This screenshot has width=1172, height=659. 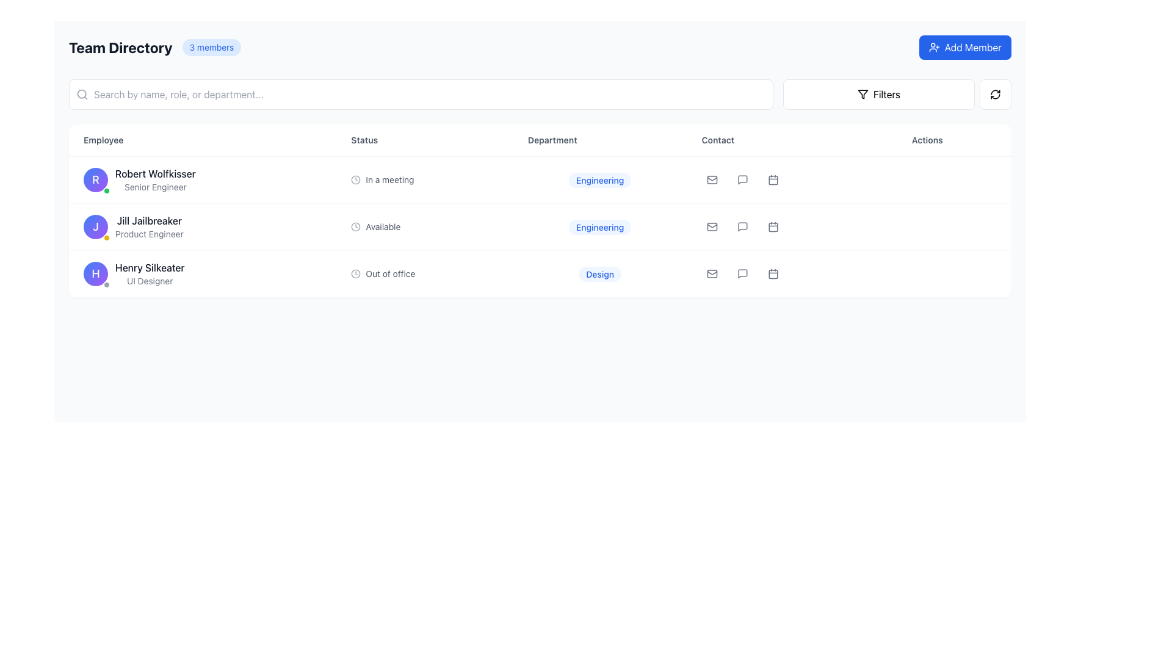 I want to click on the text element displaying the name 'Henry Silkeater' in the employee table by moving the cursor to its center point, so click(x=149, y=267).